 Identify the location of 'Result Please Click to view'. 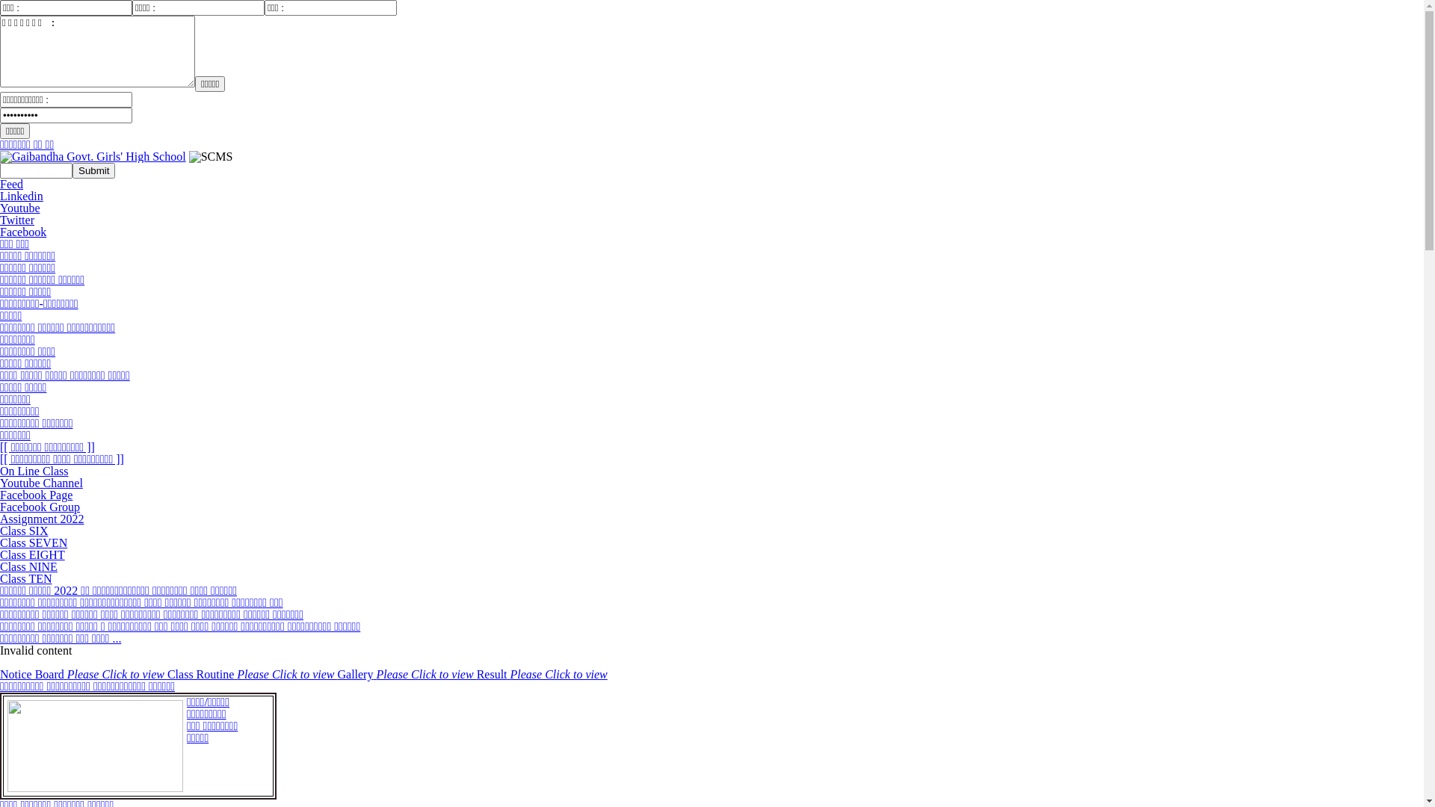
(476, 674).